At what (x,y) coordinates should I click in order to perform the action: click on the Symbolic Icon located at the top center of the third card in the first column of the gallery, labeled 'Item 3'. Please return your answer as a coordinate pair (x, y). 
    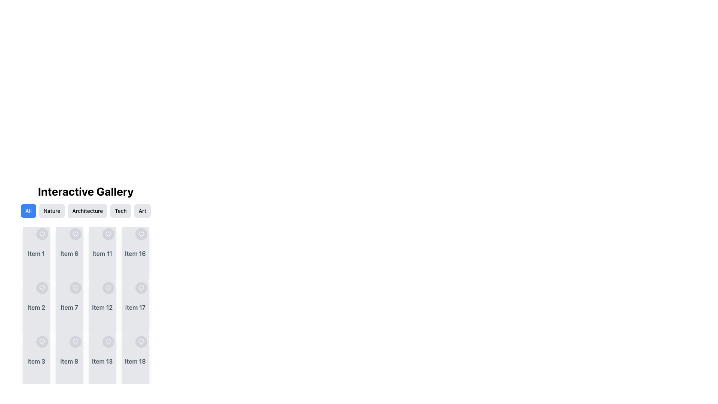
    Looking at the image, I should click on (42, 342).